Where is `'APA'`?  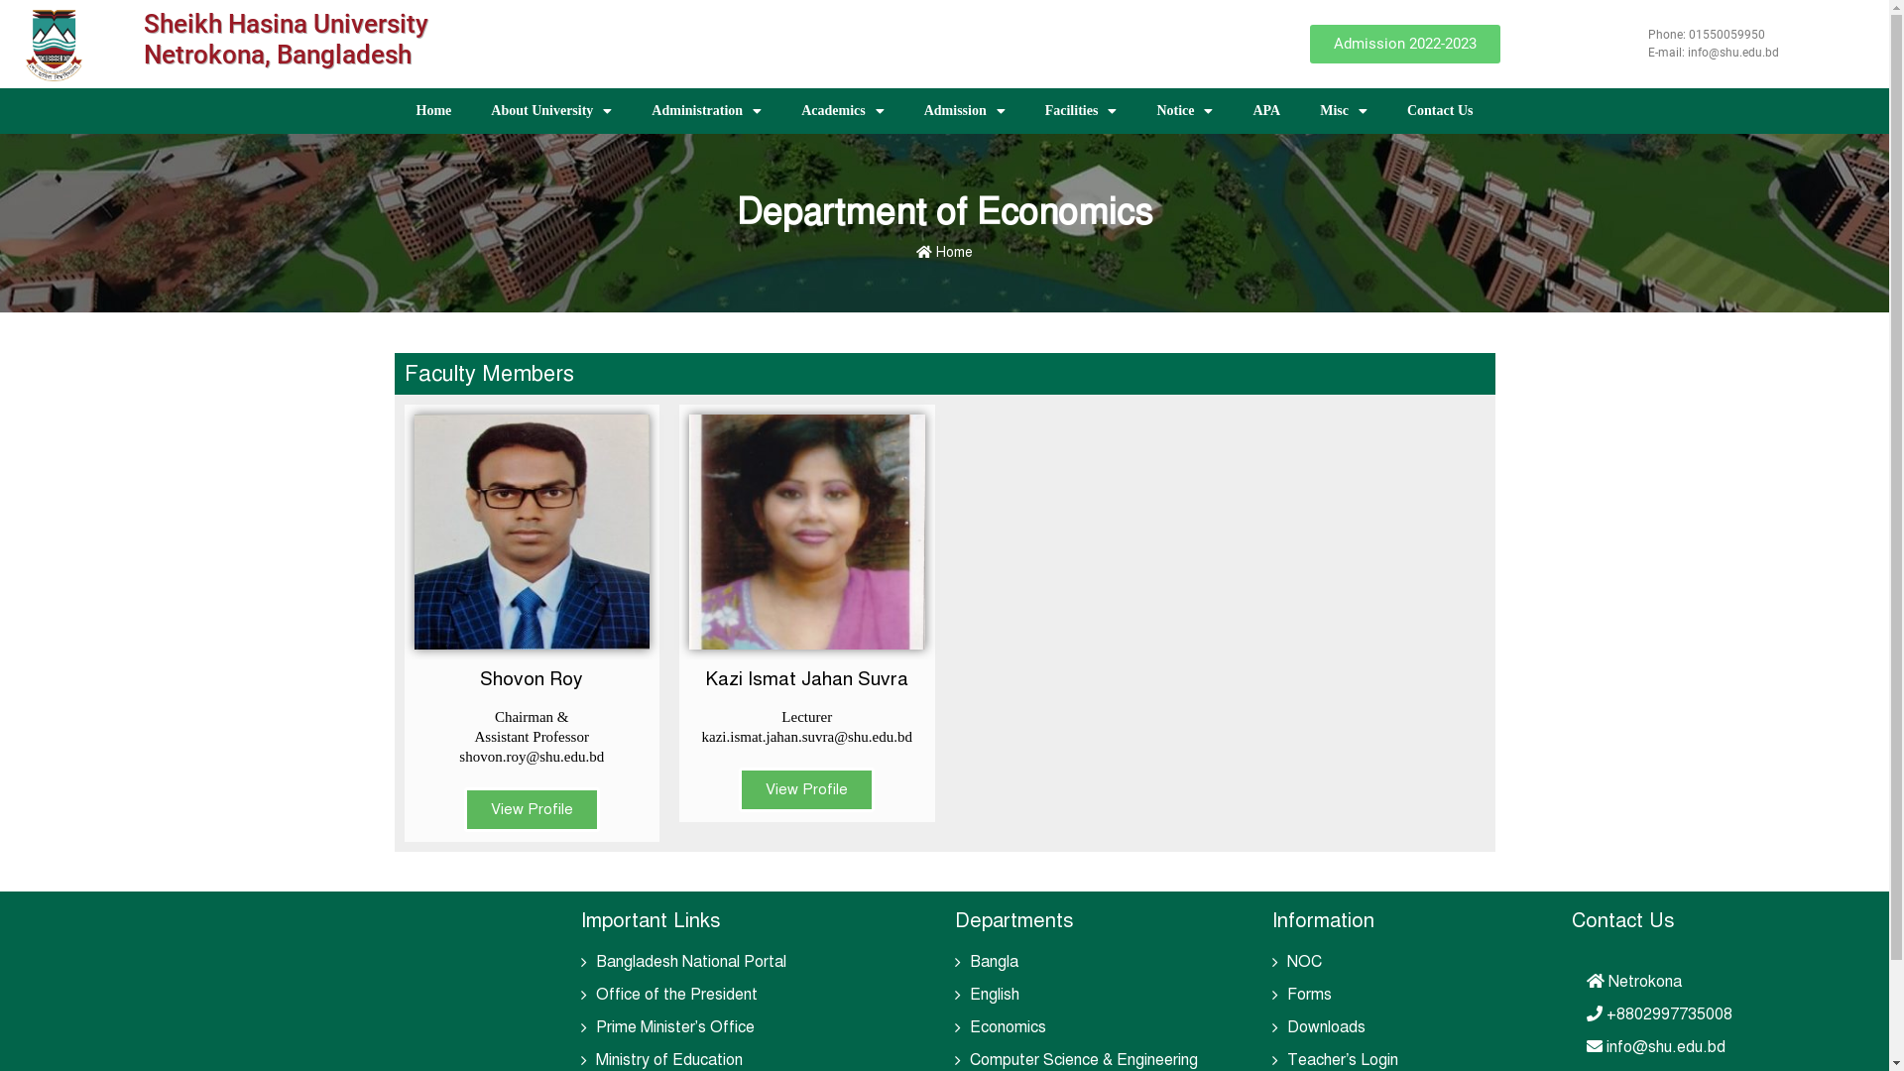 'APA' is located at coordinates (1264, 110).